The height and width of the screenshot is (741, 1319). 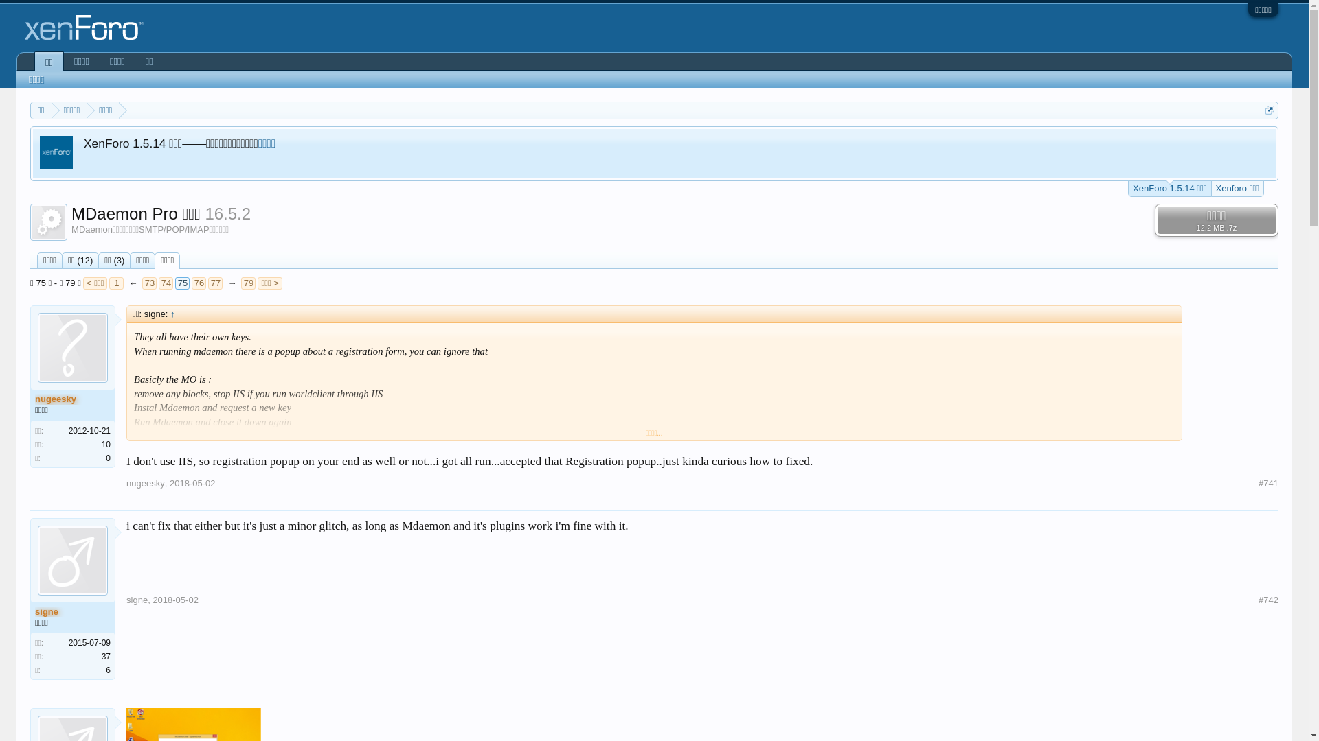 What do you see at coordinates (165, 282) in the screenshot?
I see `'74'` at bounding box center [165, 282].